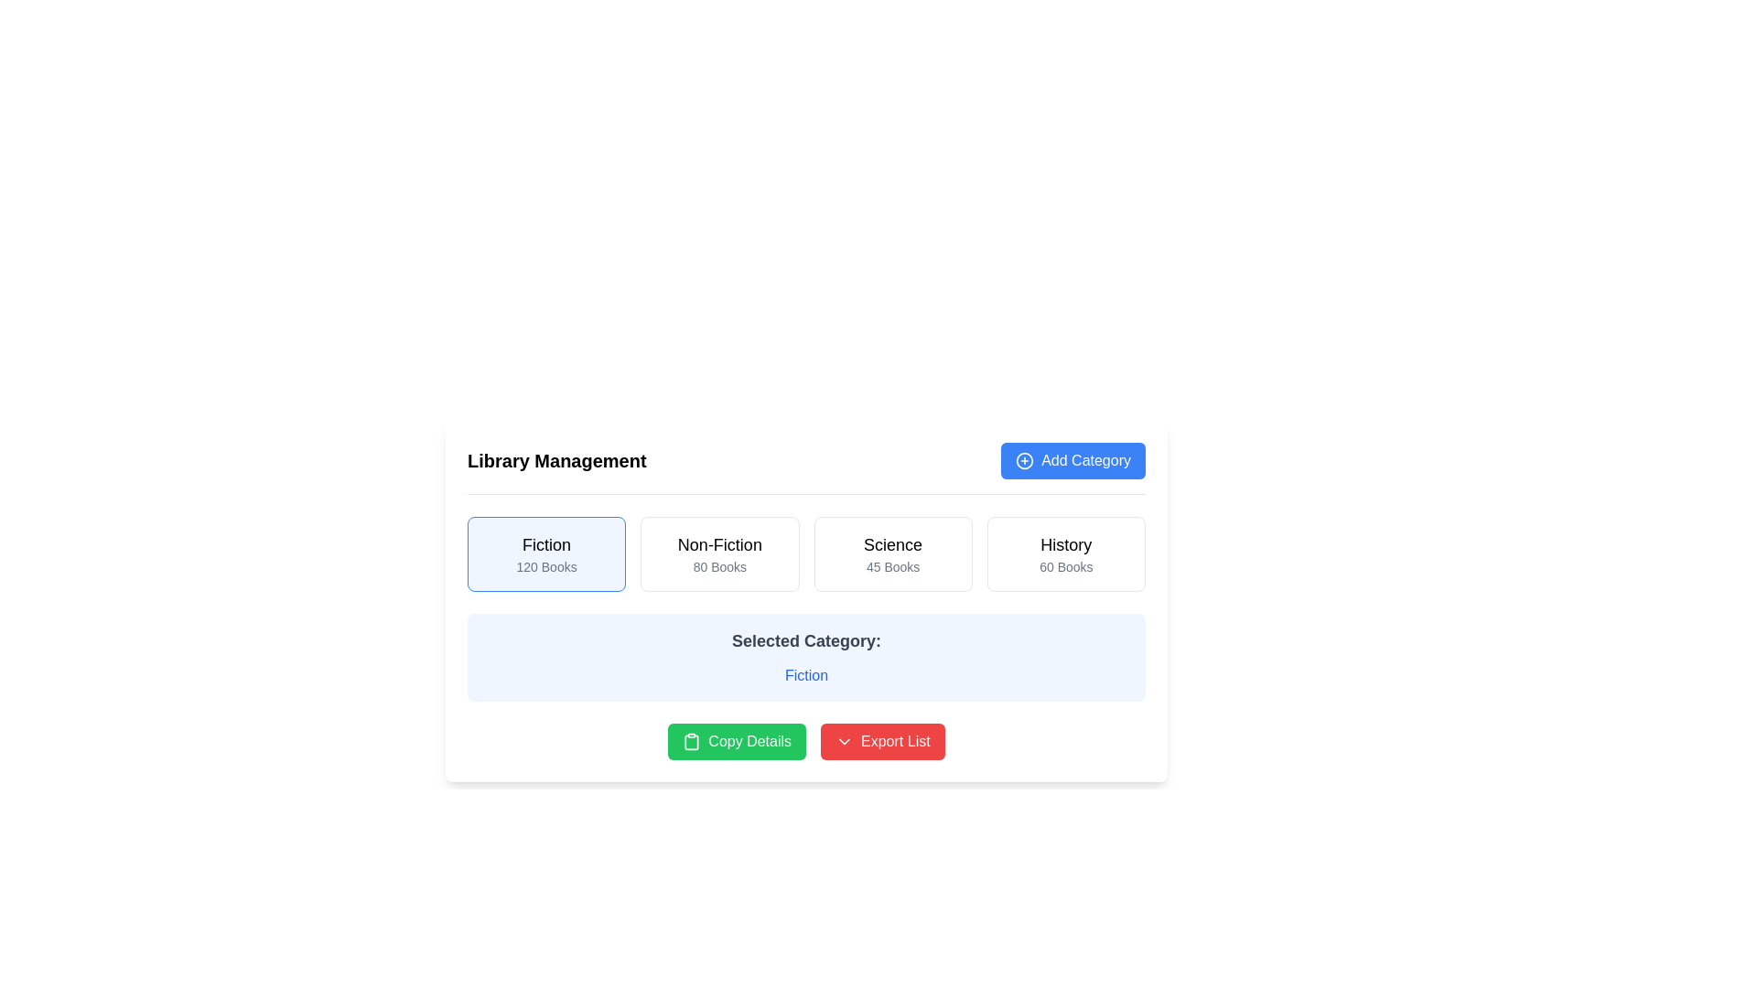 The width and height of the screenshot is (1757, 988). What do you see at coordinates (691, 742) in the screenshot?
I see `the clipboard-shaped decorative icon located centrally within the green 'Copy Details' button at the bottom-left of the control area, beneath the 'Selected Category' section` at bounding box center [691, 742].